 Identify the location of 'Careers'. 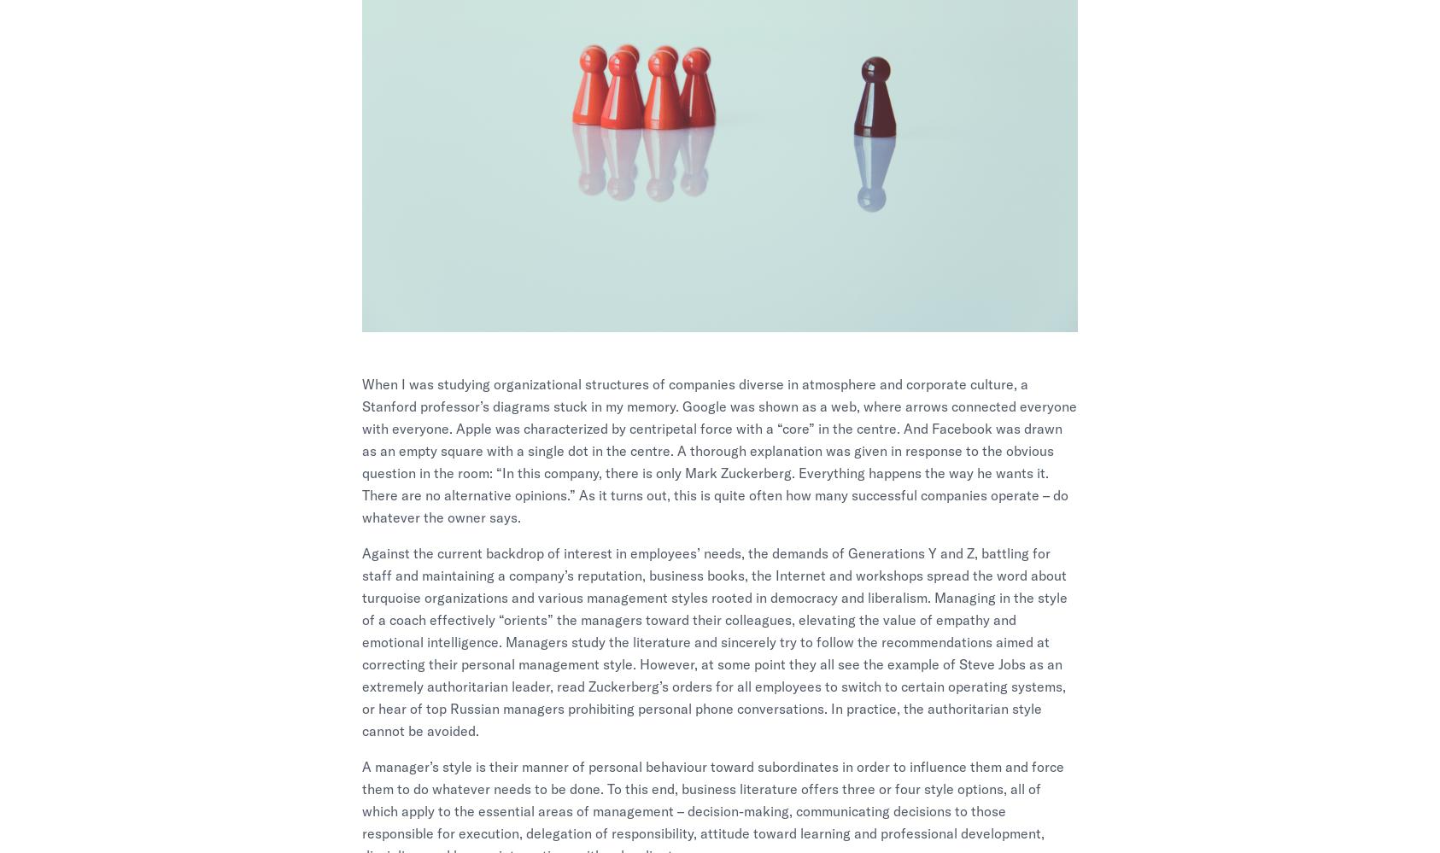
(739, 659).